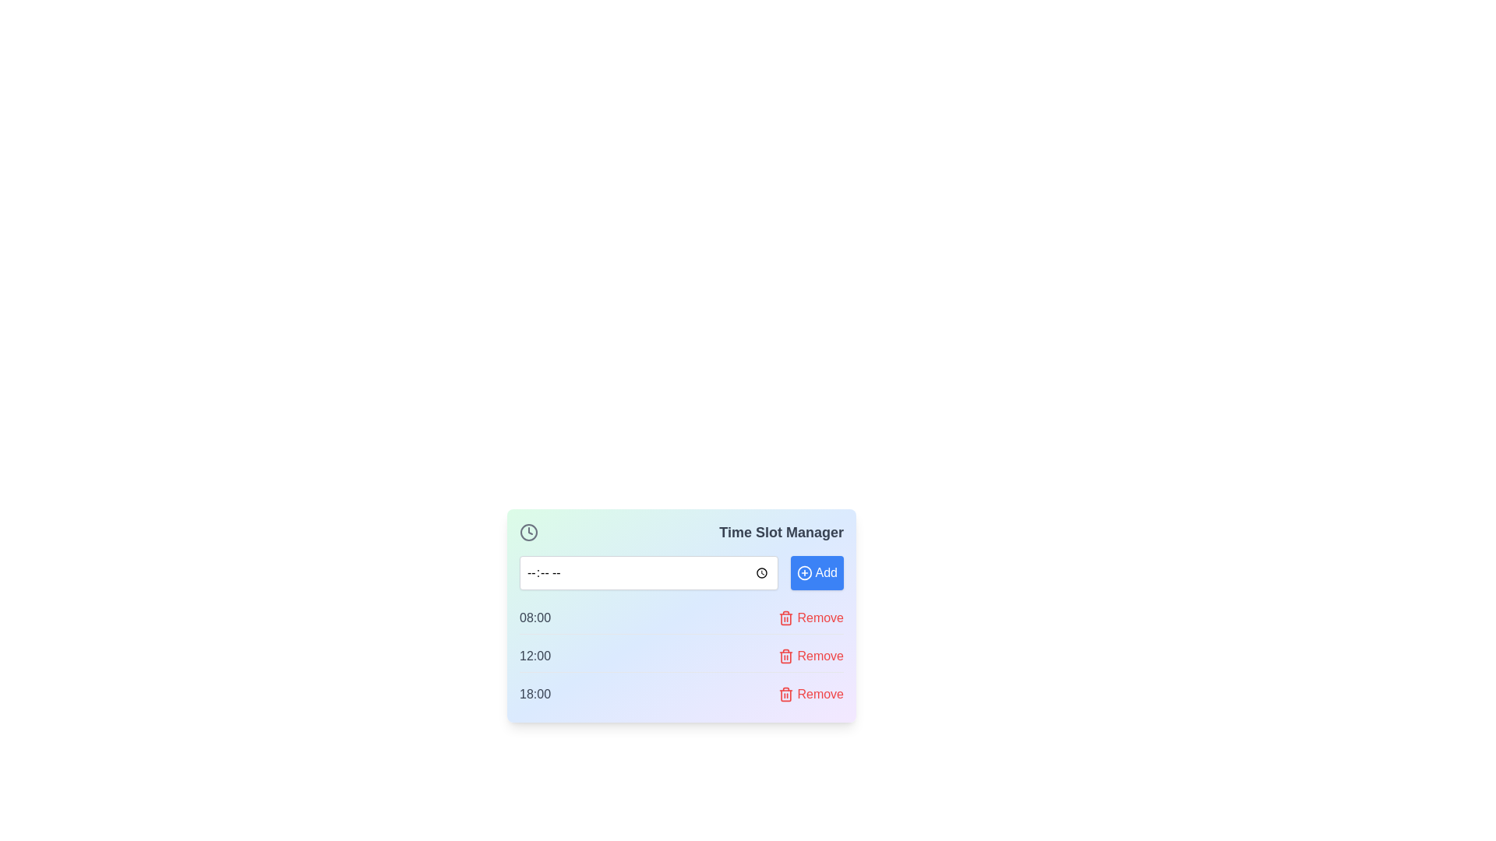  Describe the element at coordinates (528, 531) in the screenshot. I see `the decorative SVG circle element located in the top-left position of the clock icon in the 'Time Slot Manager' pane` at that location.